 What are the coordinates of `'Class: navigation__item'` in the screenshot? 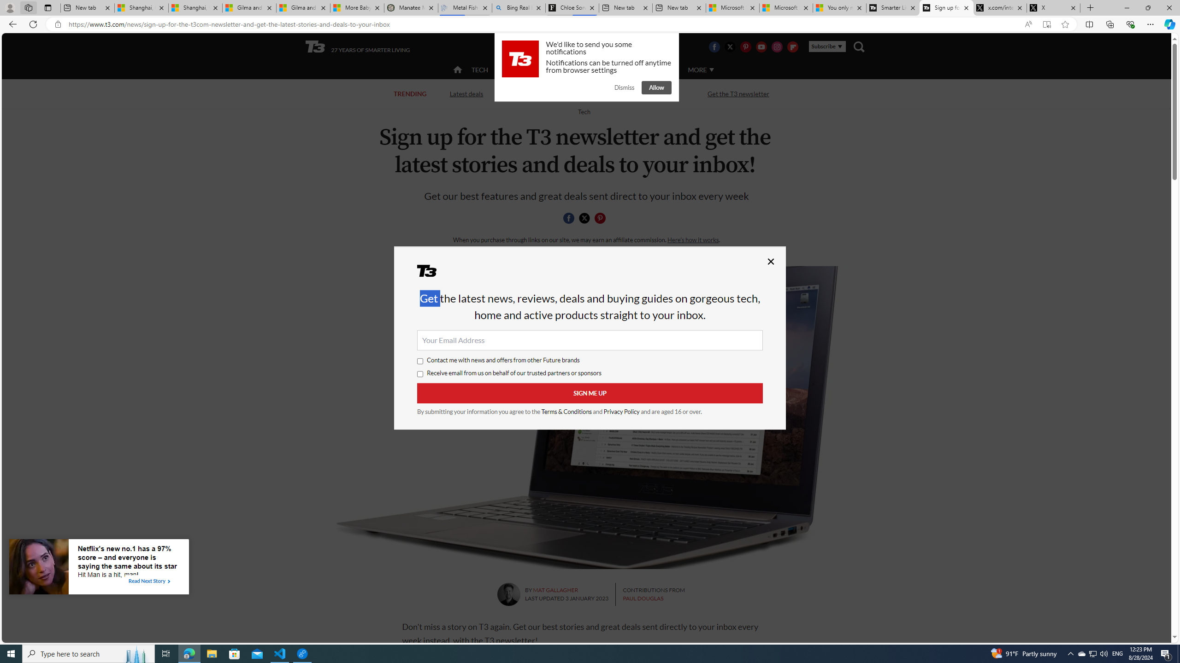 It's located at (456, 69).